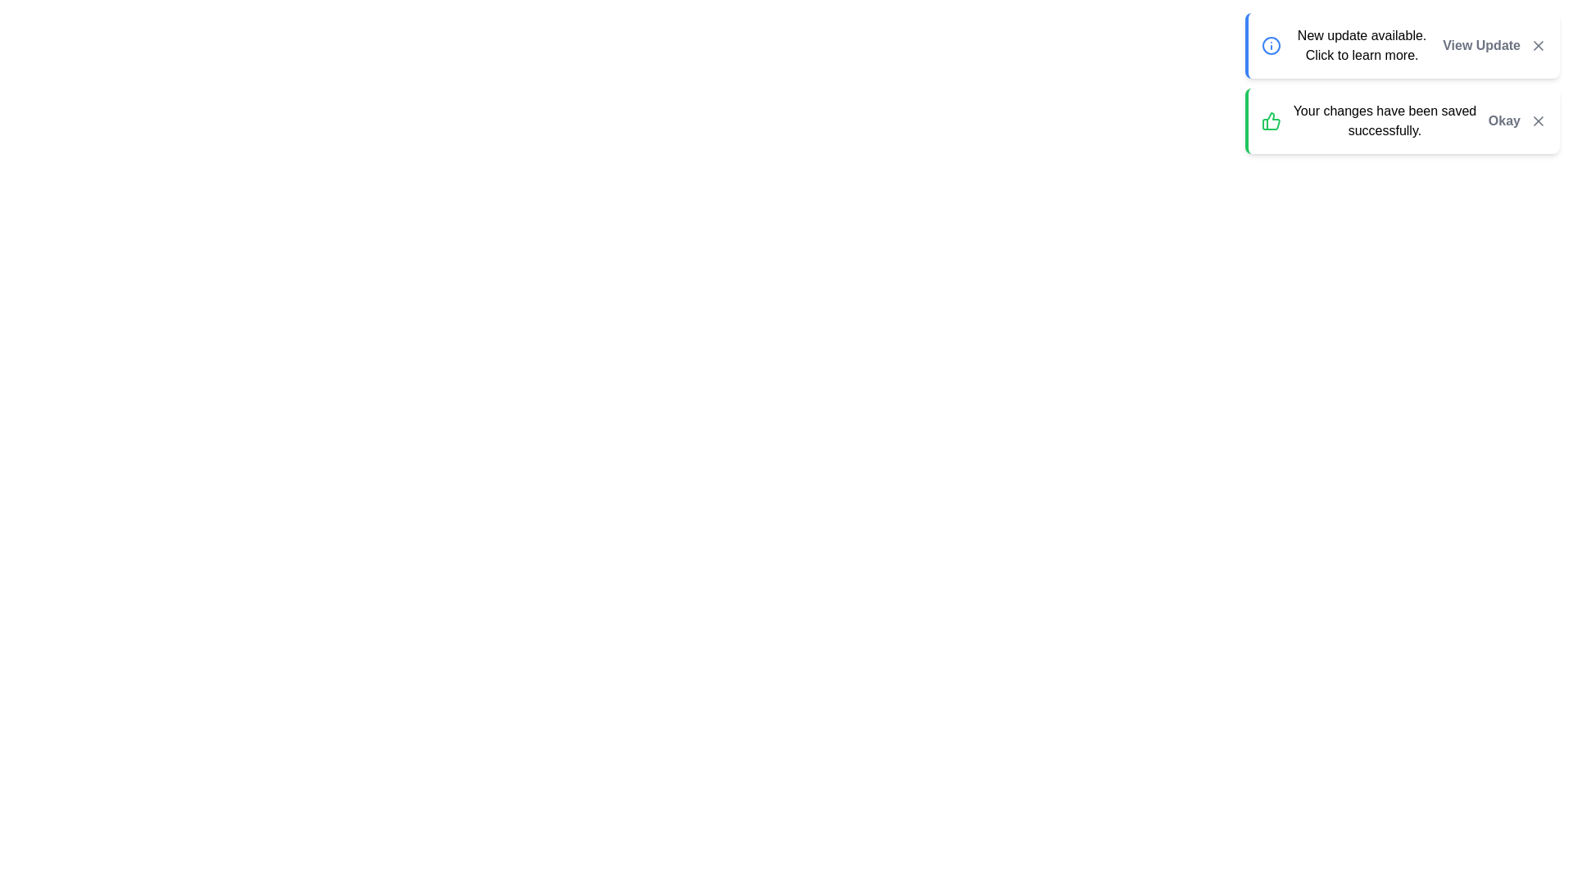 This screenshot has width=1573, height=885. What do you see at coordinates (1270, 120) in the screenshot?
I see `the right segment of the thumbs-up icon located in the bottom notification message area of the interface, which represents a positive confirmation action` at bounding box center [1270, 120].